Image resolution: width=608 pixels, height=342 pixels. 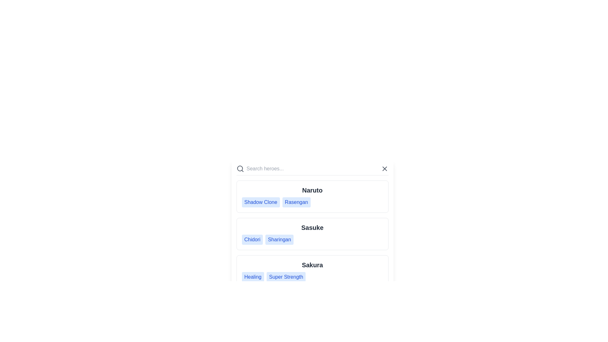 What do you see at coordinates (312, 227) in the screenshot?
I see `the text label displaying 'Sasuke', which serves as the title of the associated content above the buttons labeled 'Chidori' and 'Sharingan'` at bounding box center [312, 227].